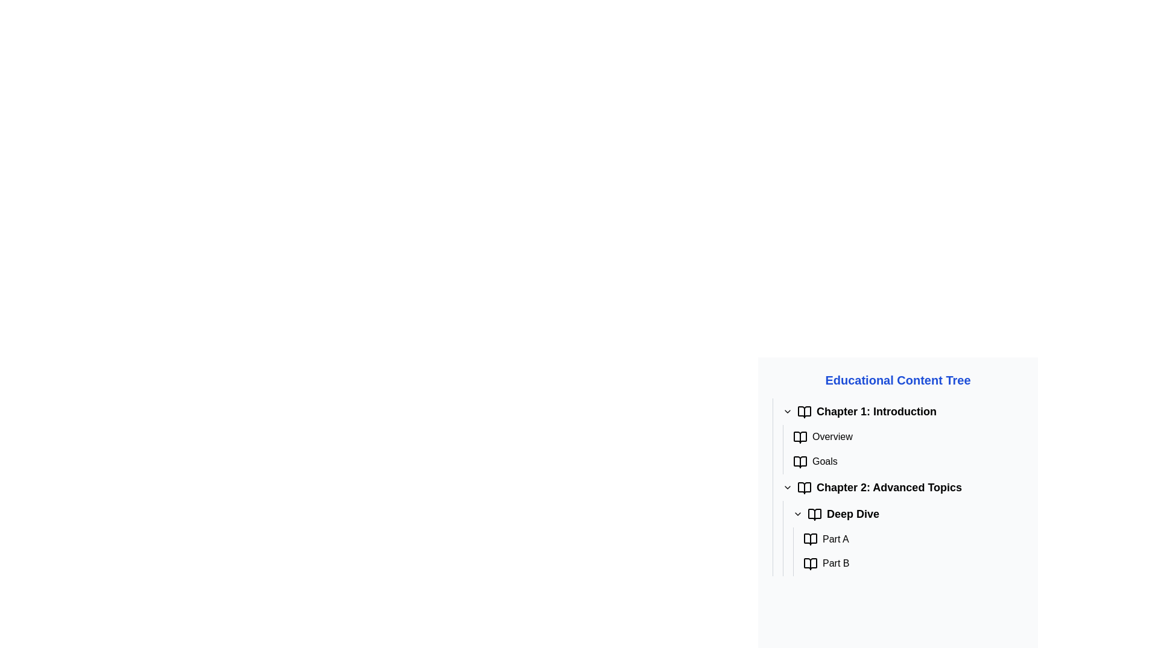 This screenshot has width=1158, height=651. Describe the element at coordinates (897, 524) in the screenshot. I see `the collapsible tree node labeled 'Chapter 2: Advanced Topics' to activate related actions` at that location.